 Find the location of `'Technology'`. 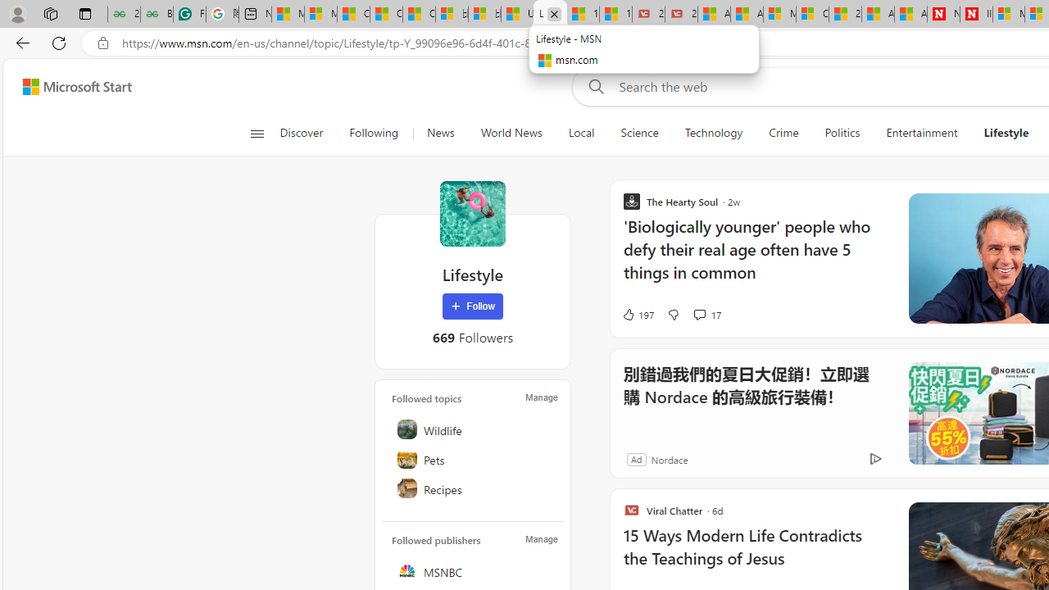

'Technology' is located at coordinates (714, 133).